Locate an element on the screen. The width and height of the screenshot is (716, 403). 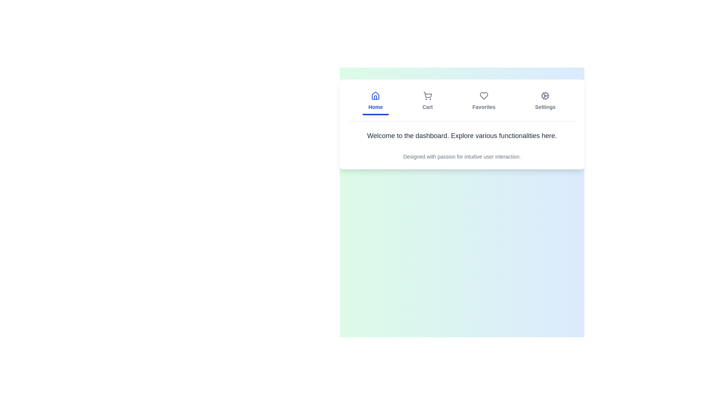
the 'Home' button, which is a vertically aligned button with a house icon and blue text in the top navigation bar is located at coordinates (376, 102).